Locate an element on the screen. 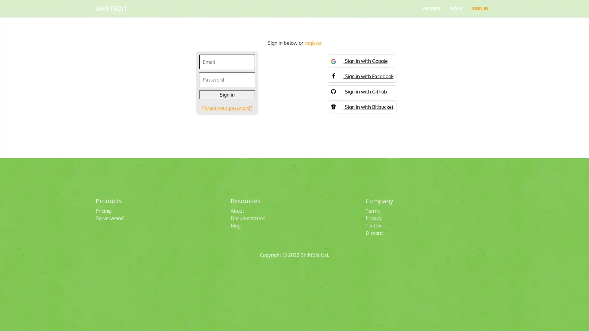  Sign in is located at coordinates (226, 94).